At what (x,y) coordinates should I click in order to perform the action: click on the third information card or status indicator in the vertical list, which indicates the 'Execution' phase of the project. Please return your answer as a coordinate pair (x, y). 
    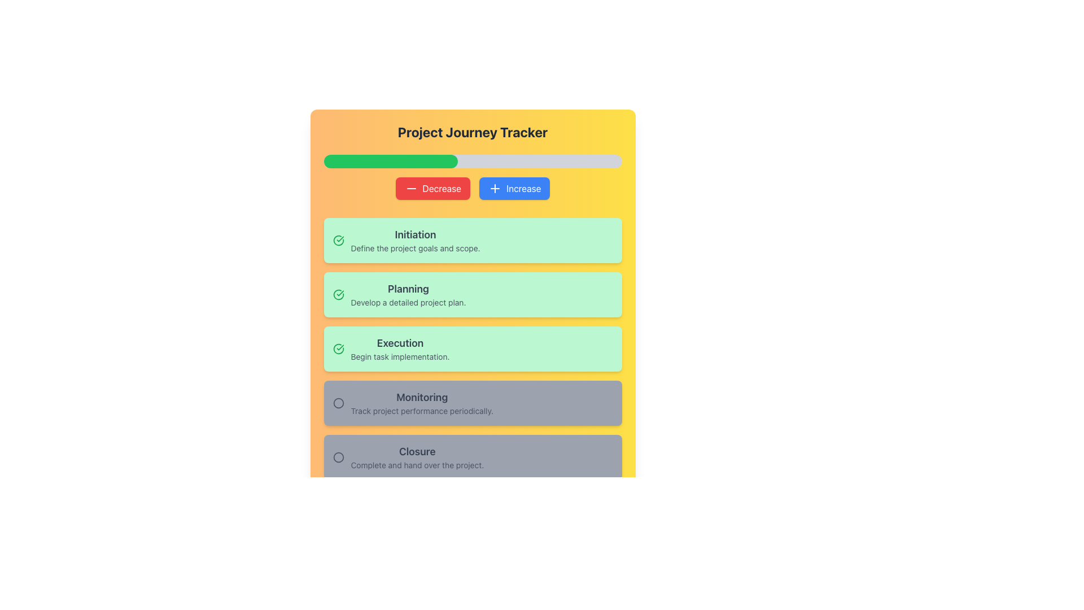
    Looking at the image, I should click on (473, 348).